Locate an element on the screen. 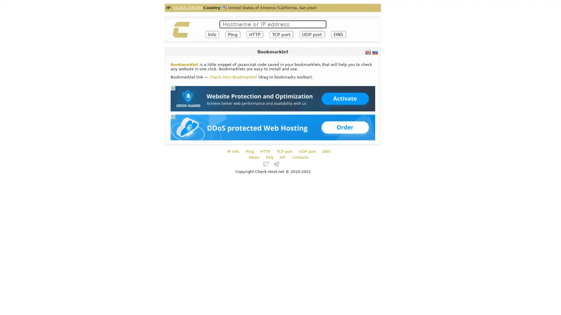 This screenshot has width=561, height=315. Ping is located at coordinates (232, 34).